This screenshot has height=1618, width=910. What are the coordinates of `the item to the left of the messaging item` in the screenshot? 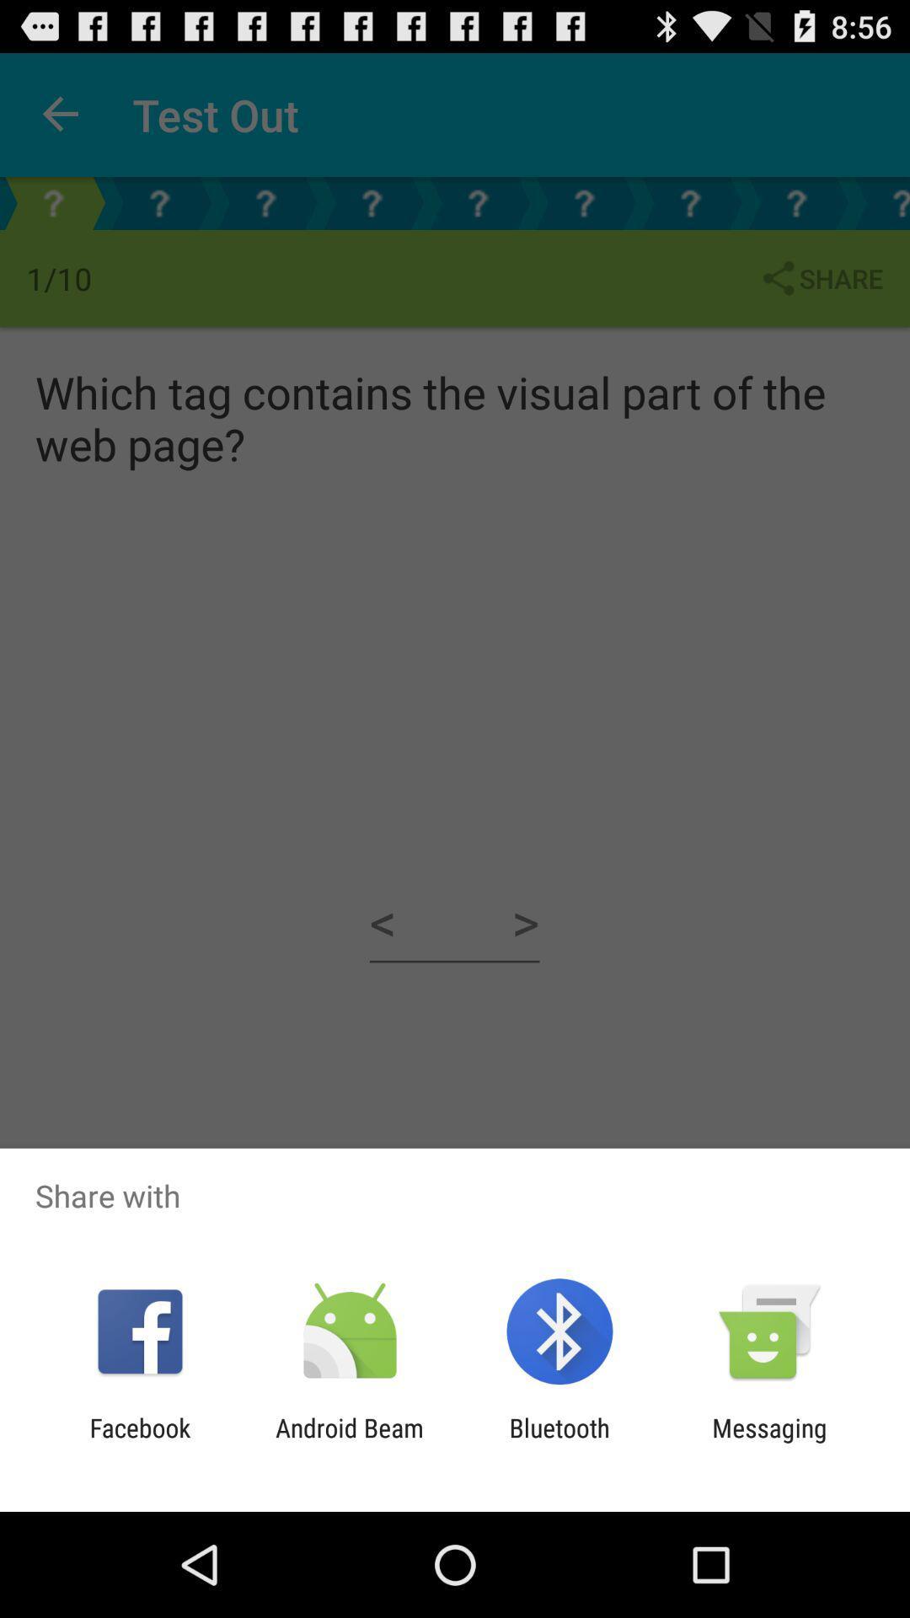 It's located at (559, 1442).